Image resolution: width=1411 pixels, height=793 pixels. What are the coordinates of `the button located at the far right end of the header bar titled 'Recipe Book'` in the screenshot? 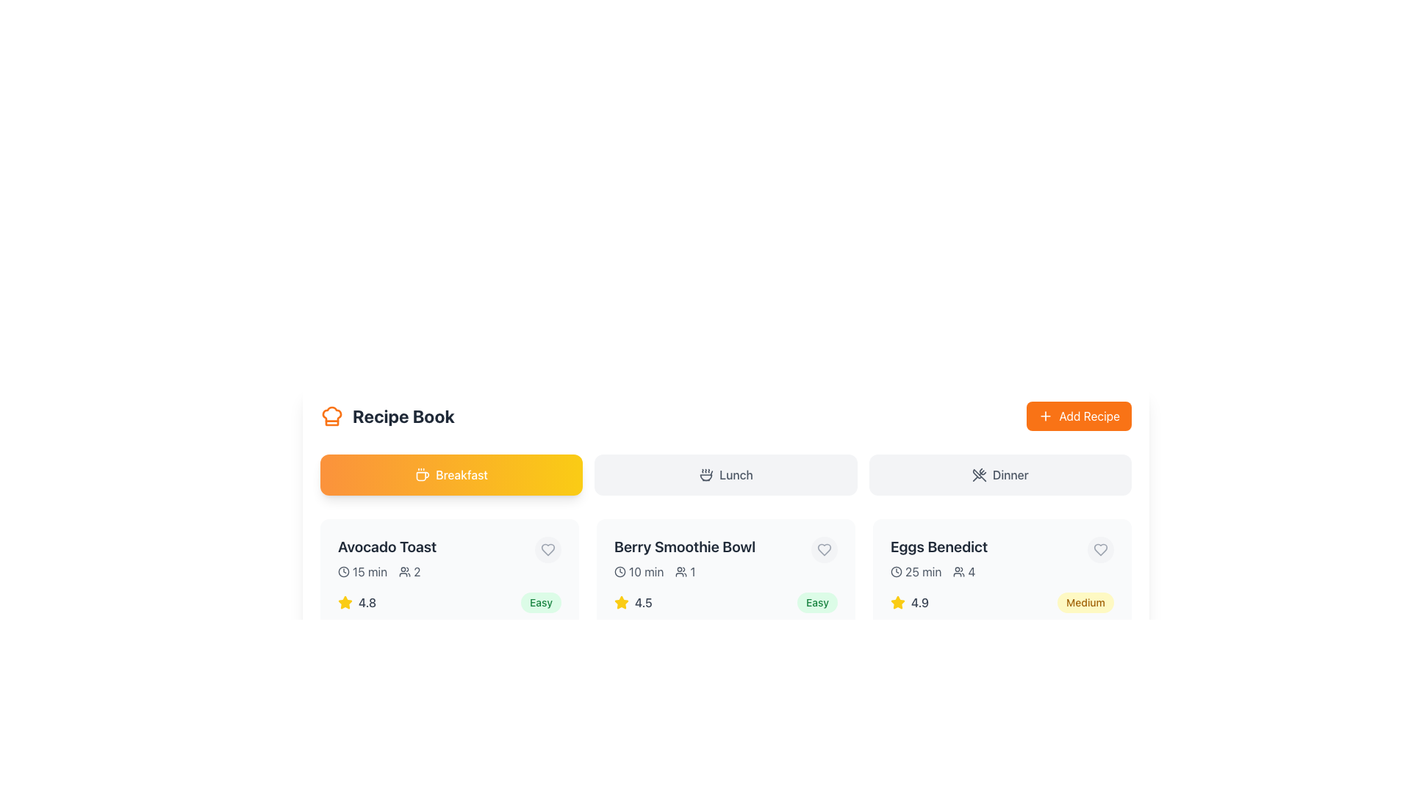 It's located at (1079, 416).